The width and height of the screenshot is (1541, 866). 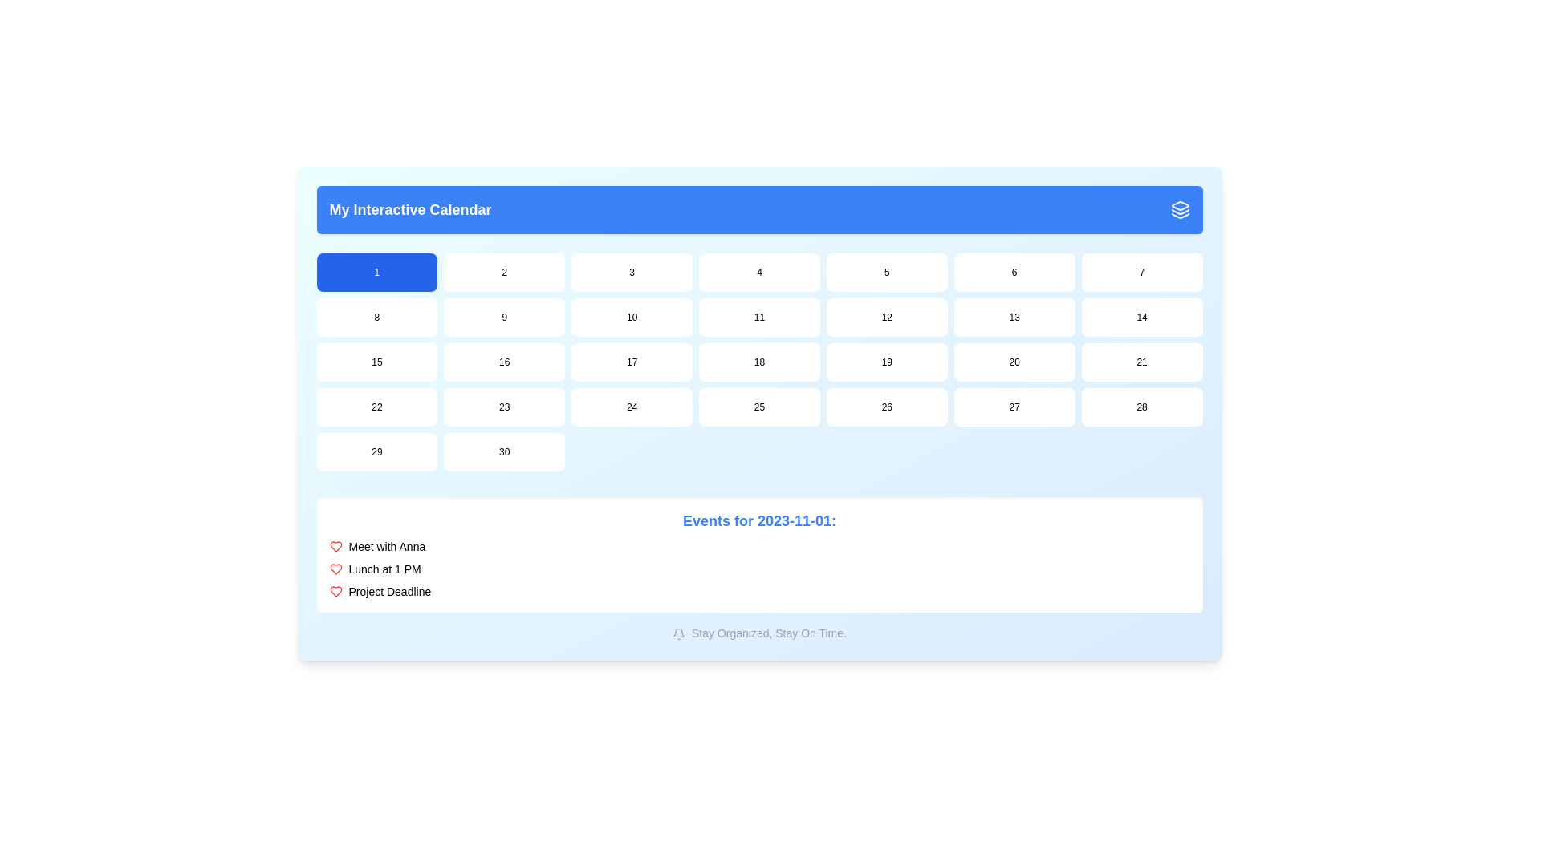 What do you see at coordinates (886, 407) in the screenshot?
I see `the button displaying the text '26' located in the seventh row and fifth column of the grid layout` at bounding box center [886, 407].